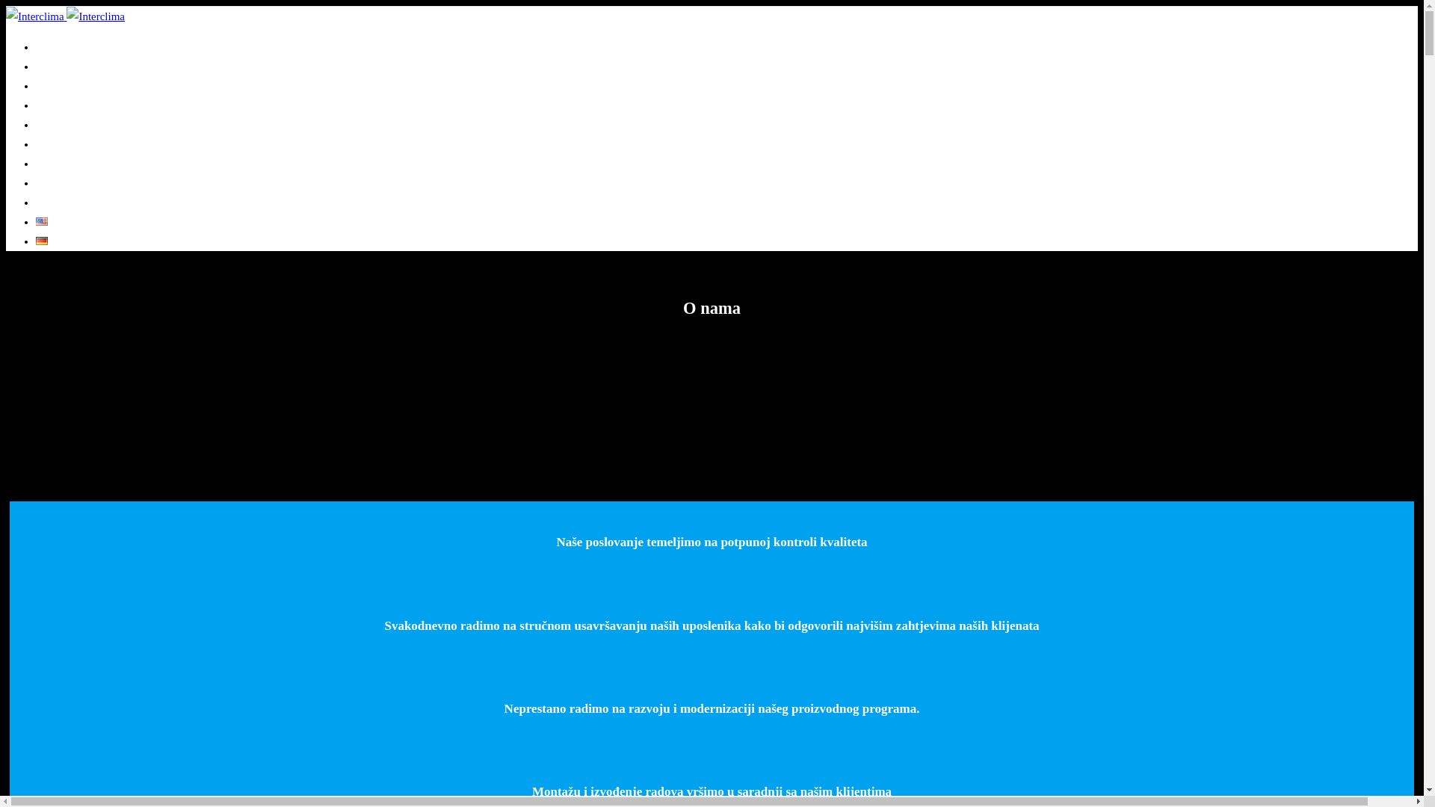  I want to click on 'Vijesti', so click(51, 143).